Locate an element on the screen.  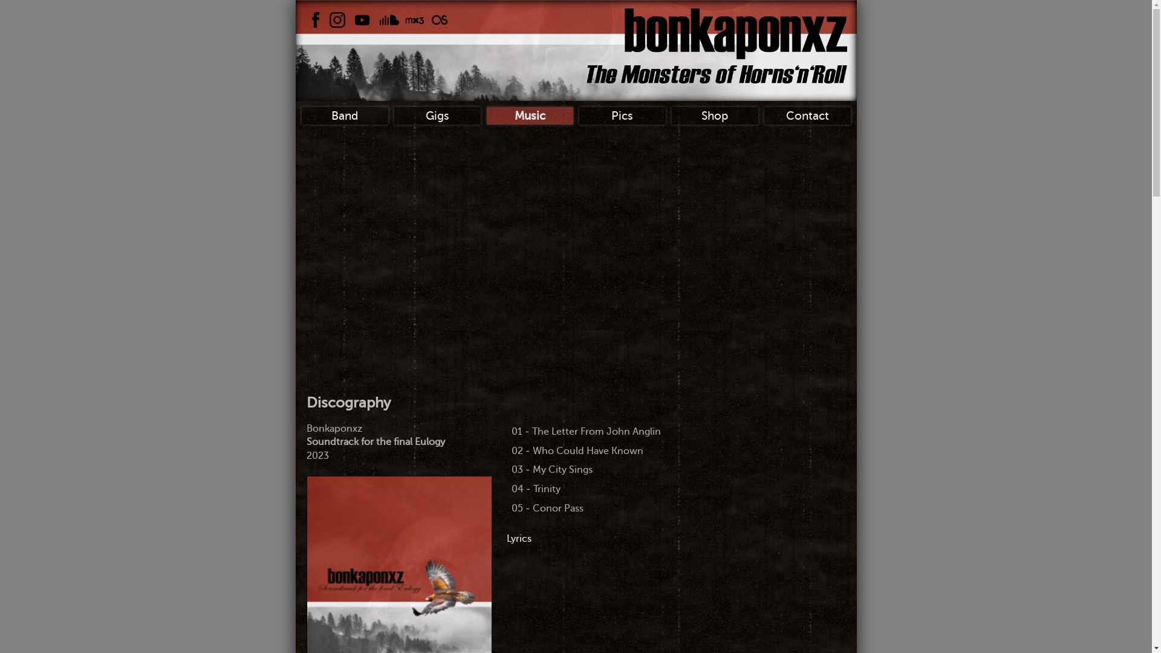
'http://soundcloud.com/bonkaponxz' is located at coordinates (389, 20).